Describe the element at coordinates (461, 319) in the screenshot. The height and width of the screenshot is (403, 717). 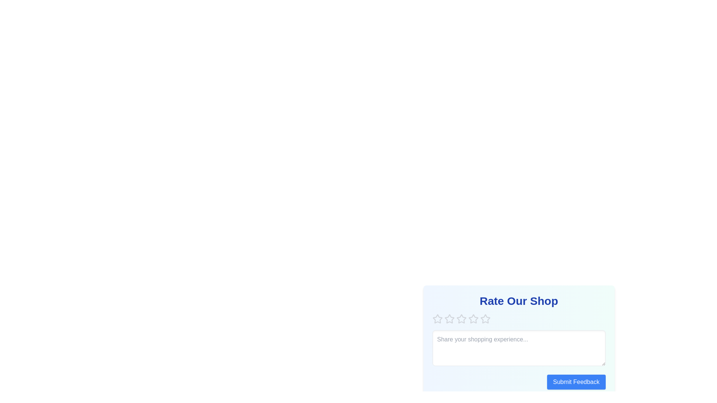
I see `the star corresponding to 3 to preview the rating` at that location.